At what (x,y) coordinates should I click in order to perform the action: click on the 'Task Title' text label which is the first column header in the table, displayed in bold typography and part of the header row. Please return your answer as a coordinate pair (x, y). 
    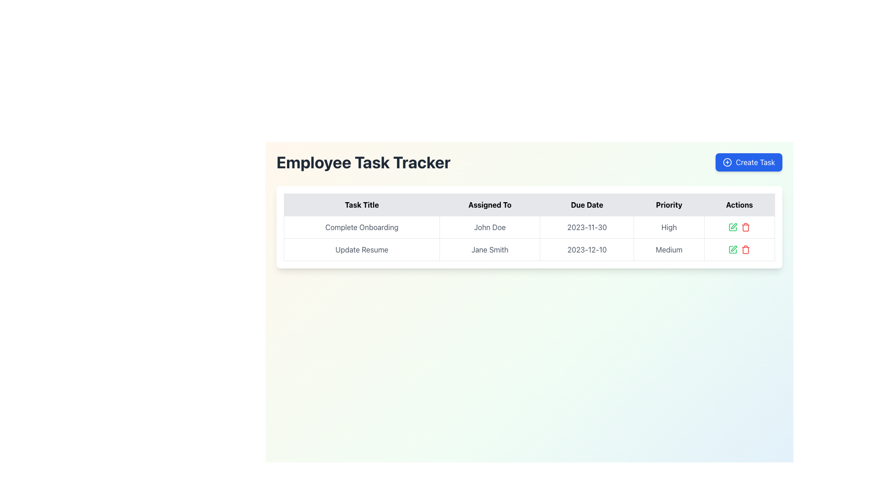
    Looking at the image, I should click on (361, 204).